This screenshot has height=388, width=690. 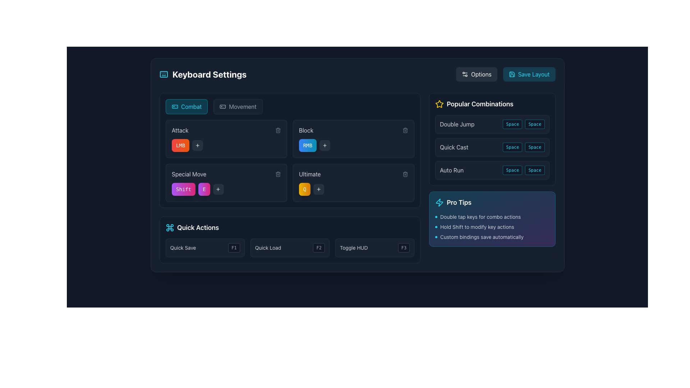 I want to click on the 'Ultimate' action keybinding panel located, so click(x=353, y=183).